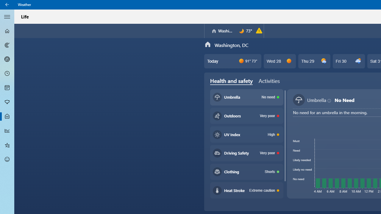 This screenshot has height=214, width=381. I want to click on 'Pollen - Not Selected', so click(7, 102).